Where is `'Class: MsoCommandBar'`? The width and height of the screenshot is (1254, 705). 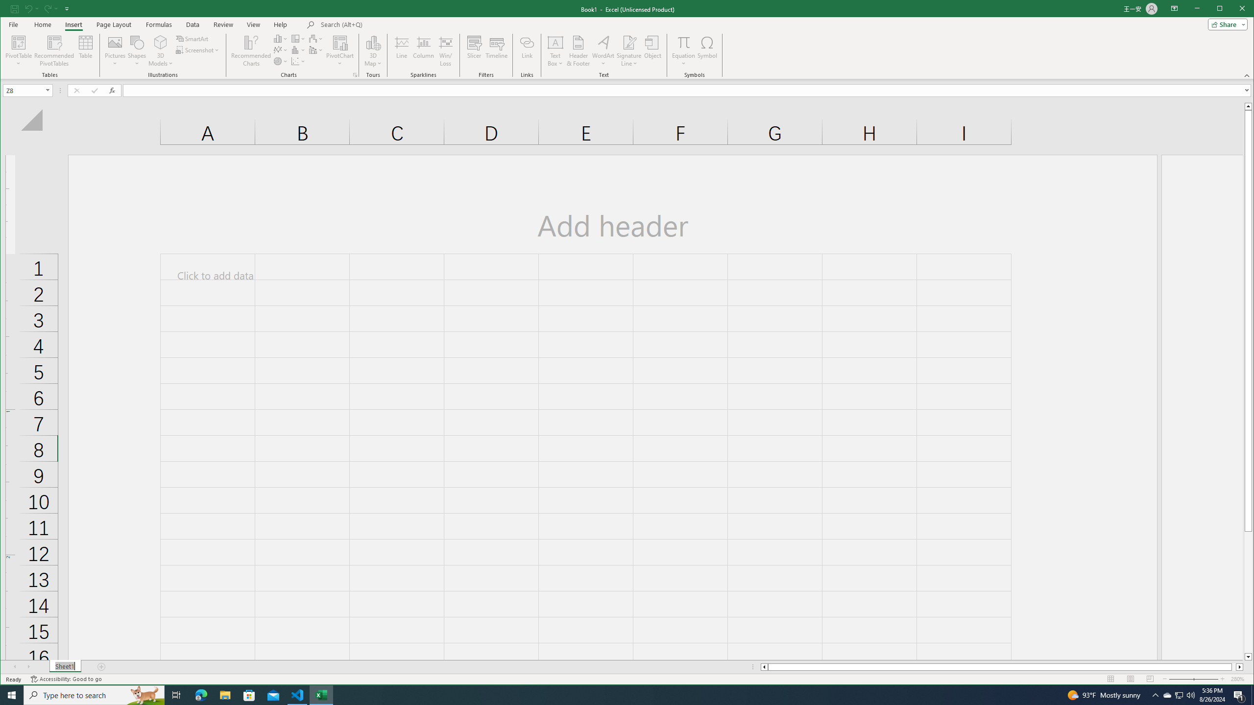
'Class: MsoCommandBar' is located at coordinates (627, 39).